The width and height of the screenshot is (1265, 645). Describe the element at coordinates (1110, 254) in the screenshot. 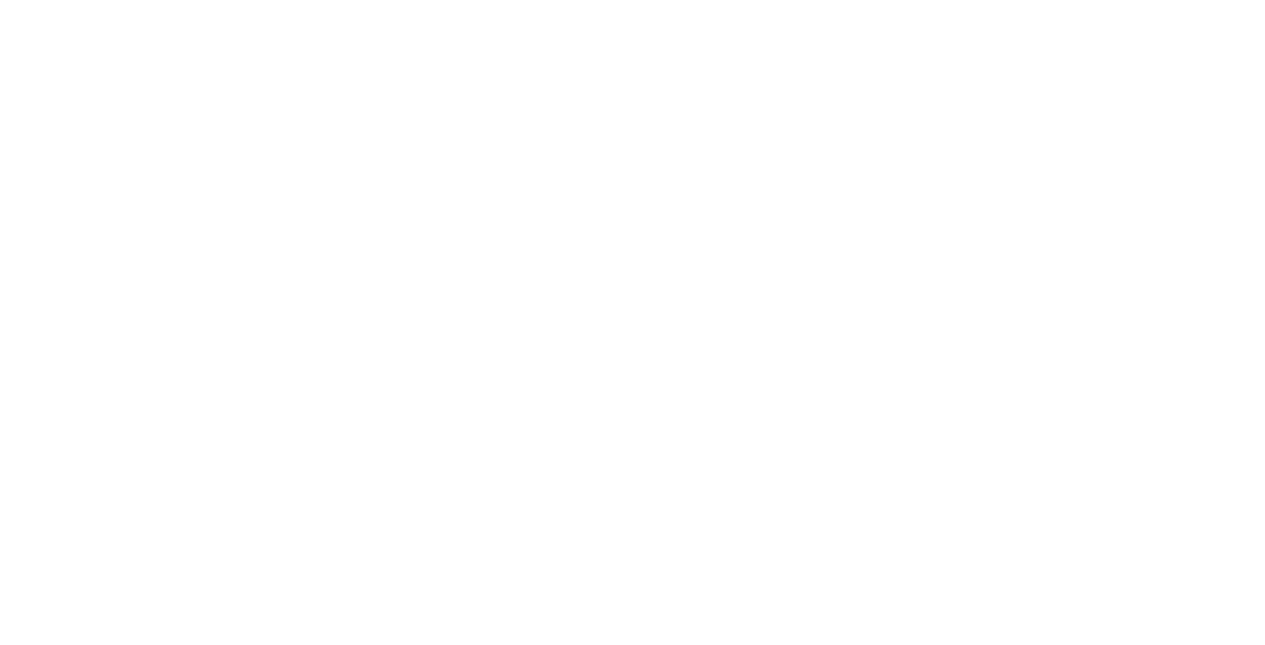

I see `'Visitors & Families'` at that location.